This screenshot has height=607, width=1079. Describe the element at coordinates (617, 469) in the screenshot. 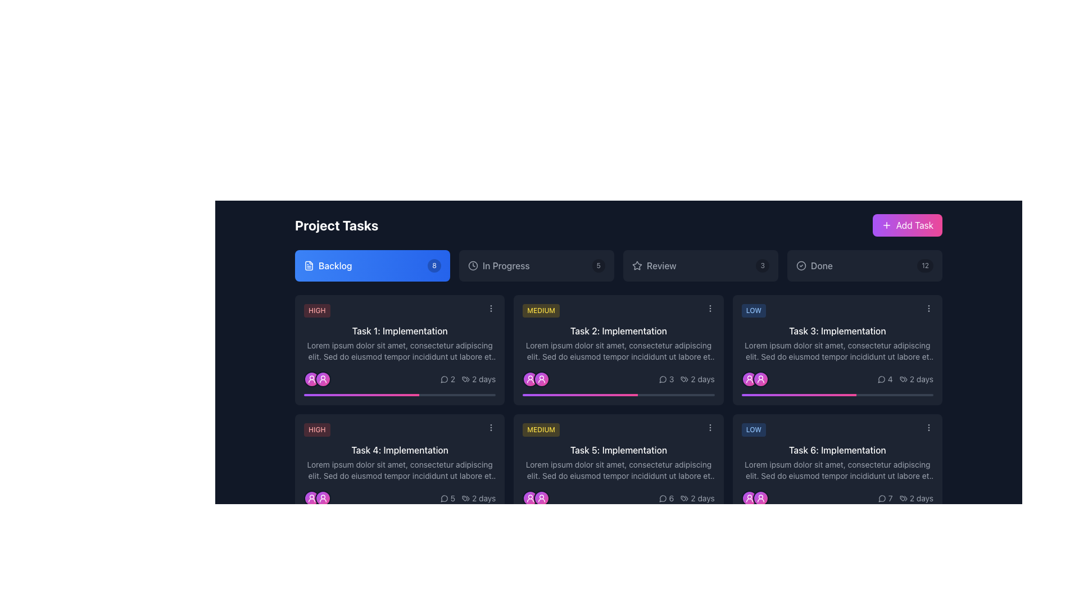

I see `the fifth task card in the project management interface` at that location.